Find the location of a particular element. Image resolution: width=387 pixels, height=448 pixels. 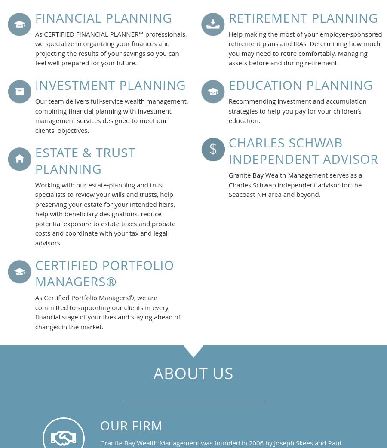

'CHARLES SCHWAB INDEPENDENT ADVISOR' is located at coordinates (303, 150).